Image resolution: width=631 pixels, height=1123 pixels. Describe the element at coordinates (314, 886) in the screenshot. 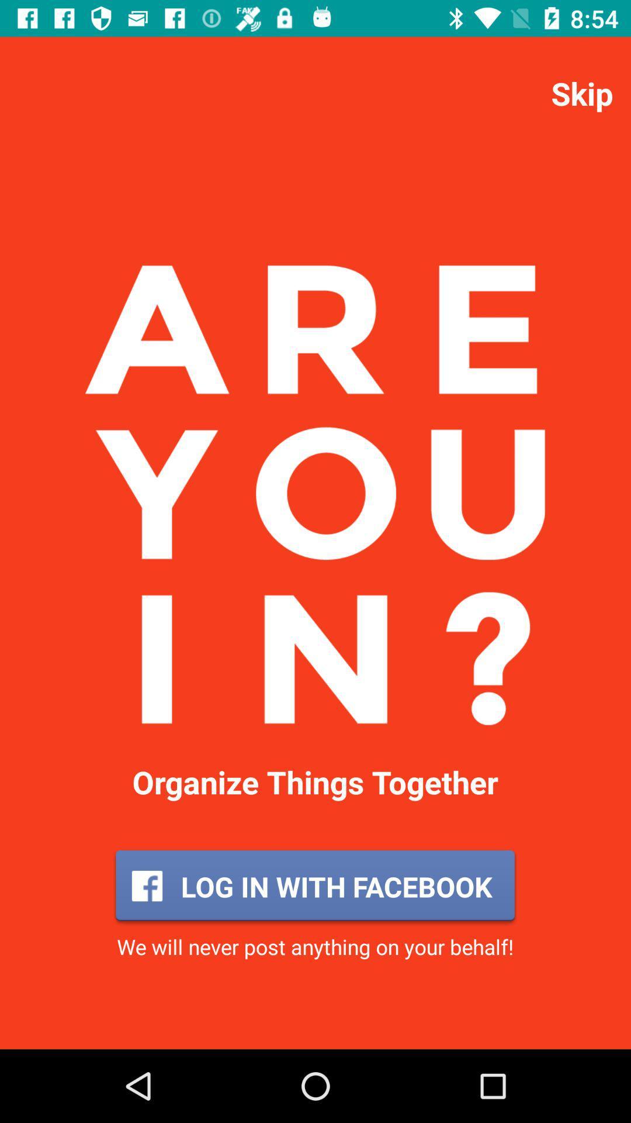

I see `the icon below organize things together icon` at that location.